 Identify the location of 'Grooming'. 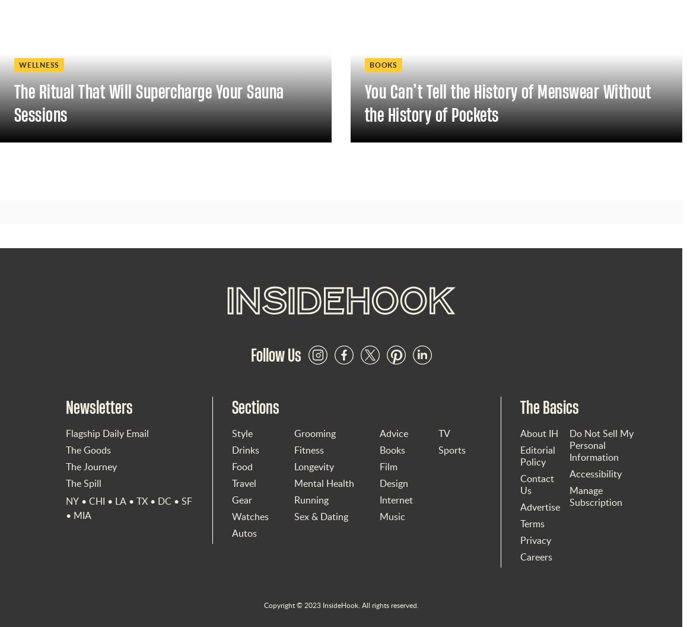
(293, 433).